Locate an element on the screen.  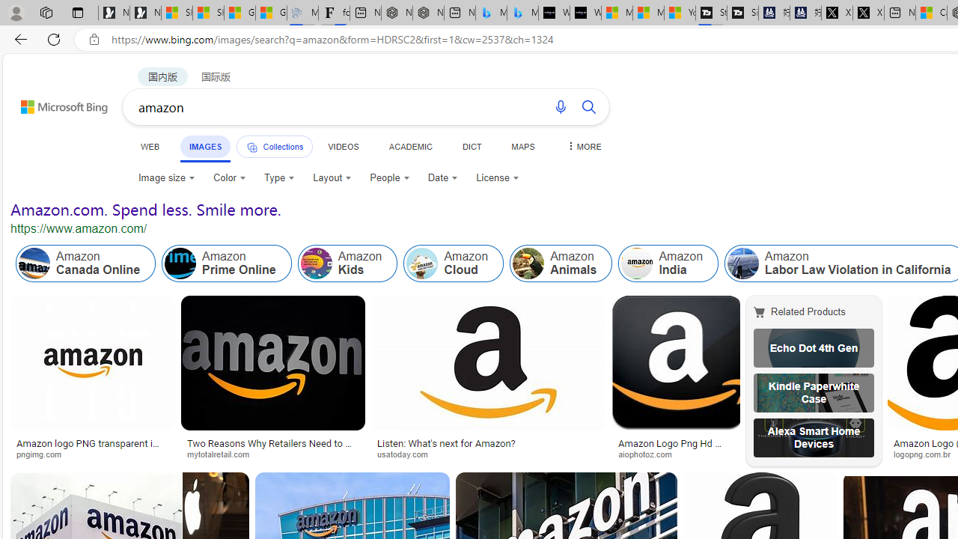
'Listen: What' is located at coordinates (492, 380).